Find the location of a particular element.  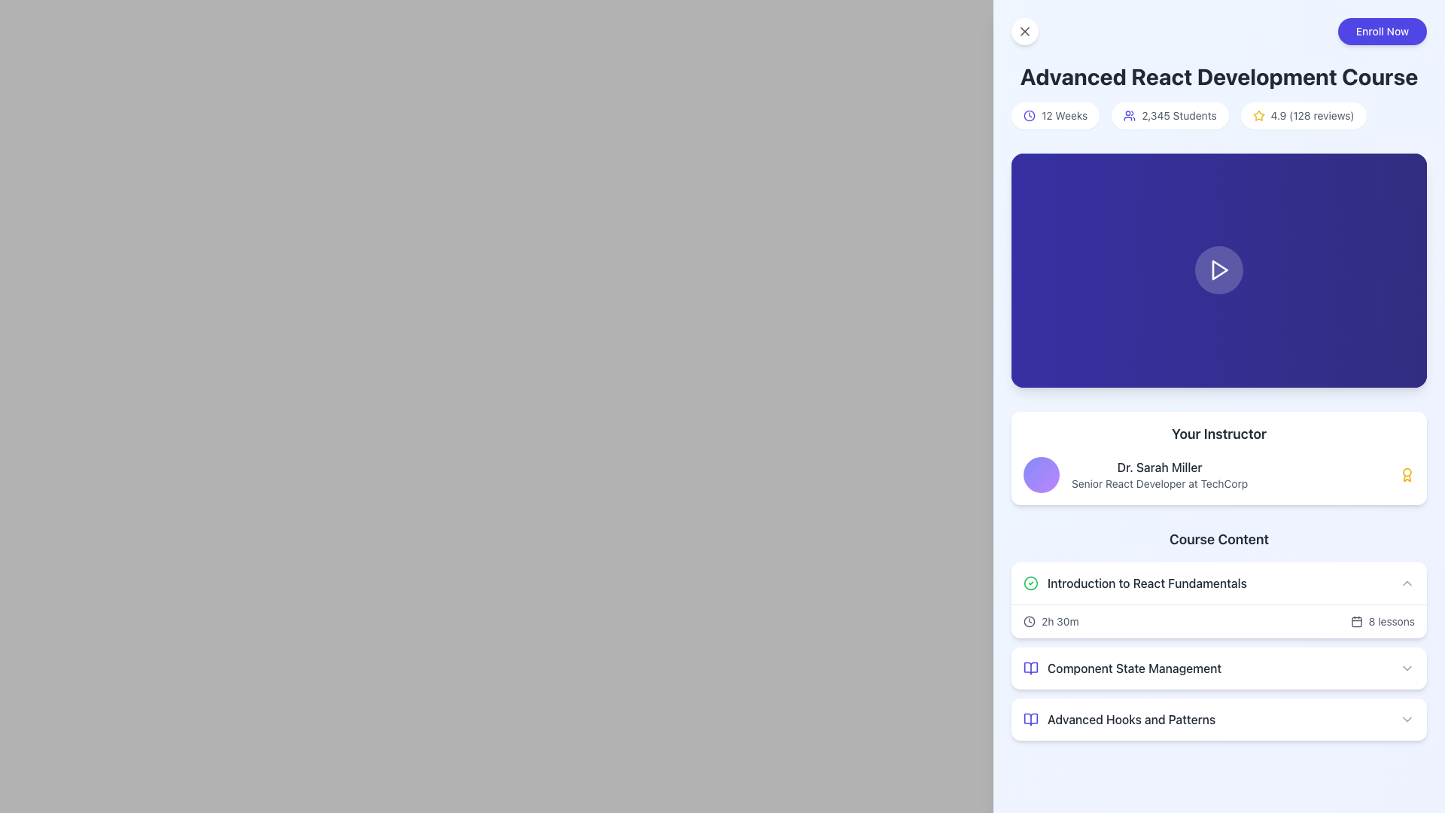

the Collapsible Section Header titled 'Introduction to React Fundamentals' is located at coordinates (1219, 582).